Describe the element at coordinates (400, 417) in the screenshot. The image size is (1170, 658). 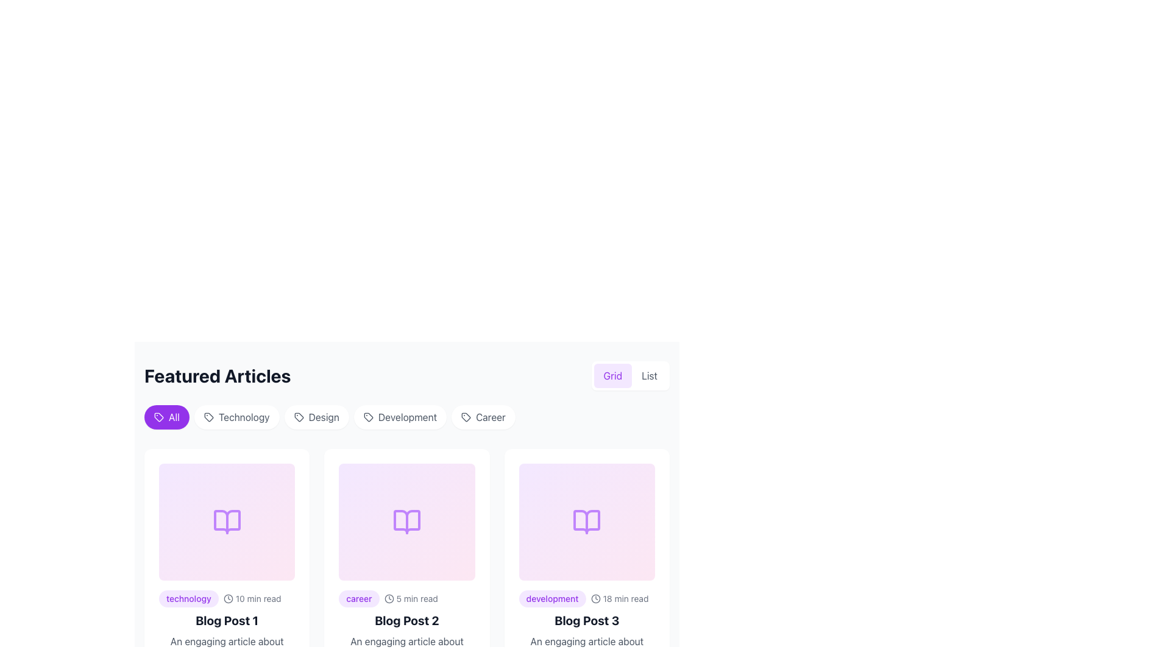
I see `the 'Development' button, which is a rounded rectangular button with a light gray background and dark gray text, to filter articles` at that location.